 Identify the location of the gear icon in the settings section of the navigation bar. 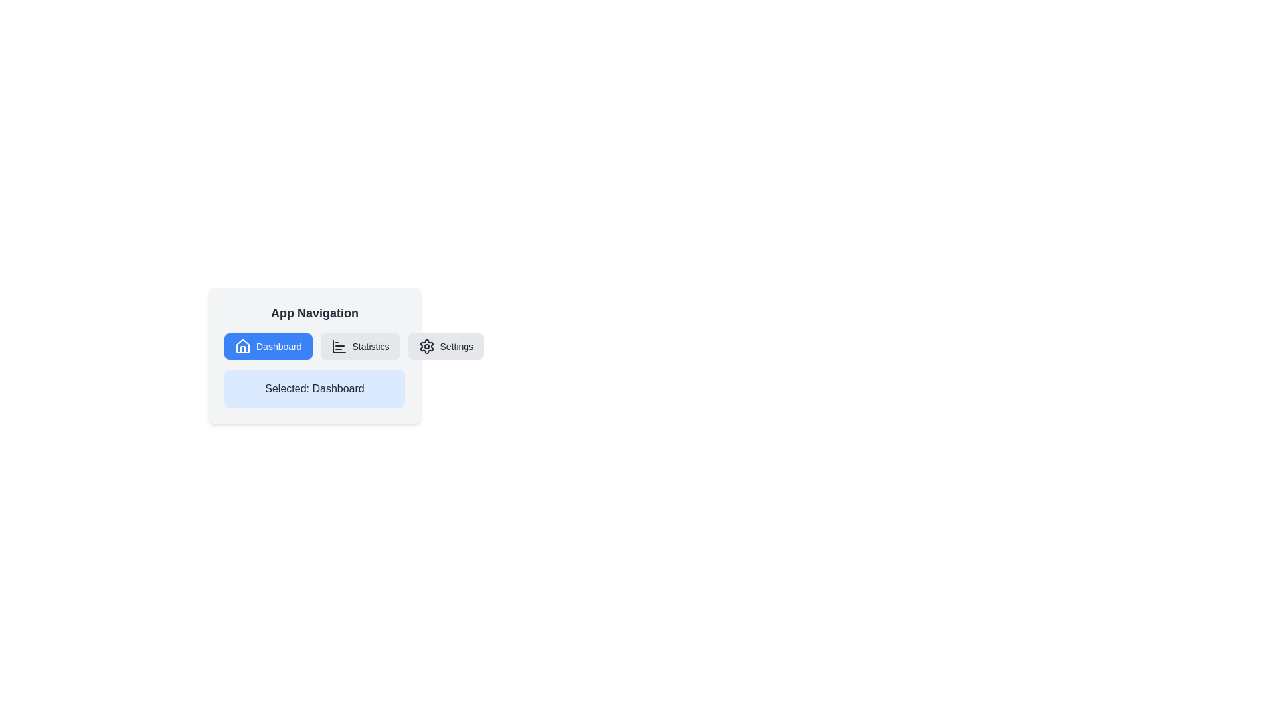
(426, 345).